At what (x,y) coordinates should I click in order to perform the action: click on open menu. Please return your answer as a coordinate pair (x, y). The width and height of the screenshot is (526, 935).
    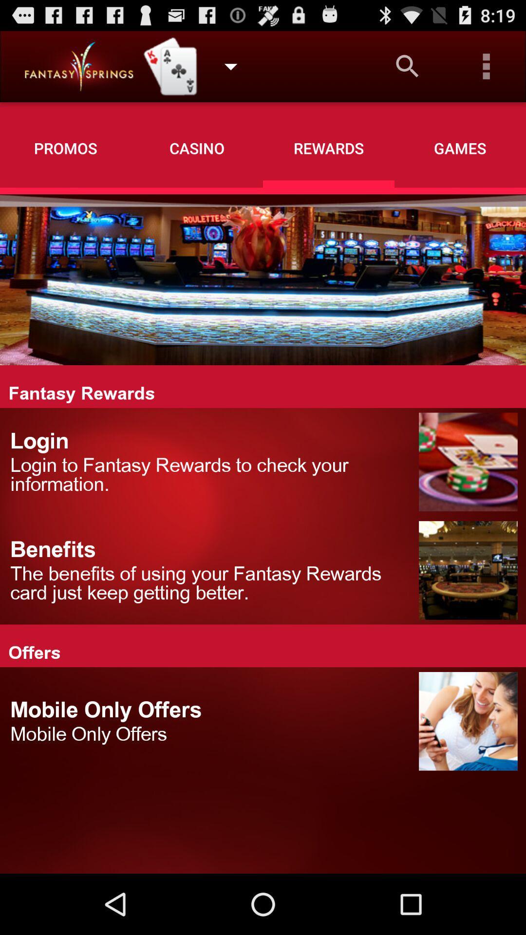
    Looking at the image, I should click on (487, 66).